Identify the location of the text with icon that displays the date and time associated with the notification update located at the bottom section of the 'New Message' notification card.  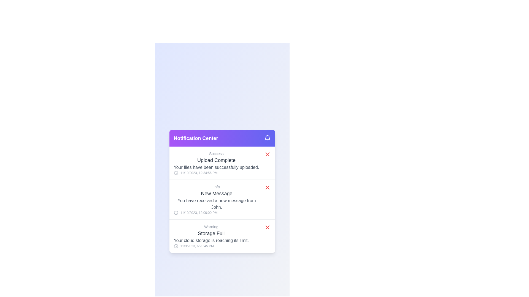
(216, 213).